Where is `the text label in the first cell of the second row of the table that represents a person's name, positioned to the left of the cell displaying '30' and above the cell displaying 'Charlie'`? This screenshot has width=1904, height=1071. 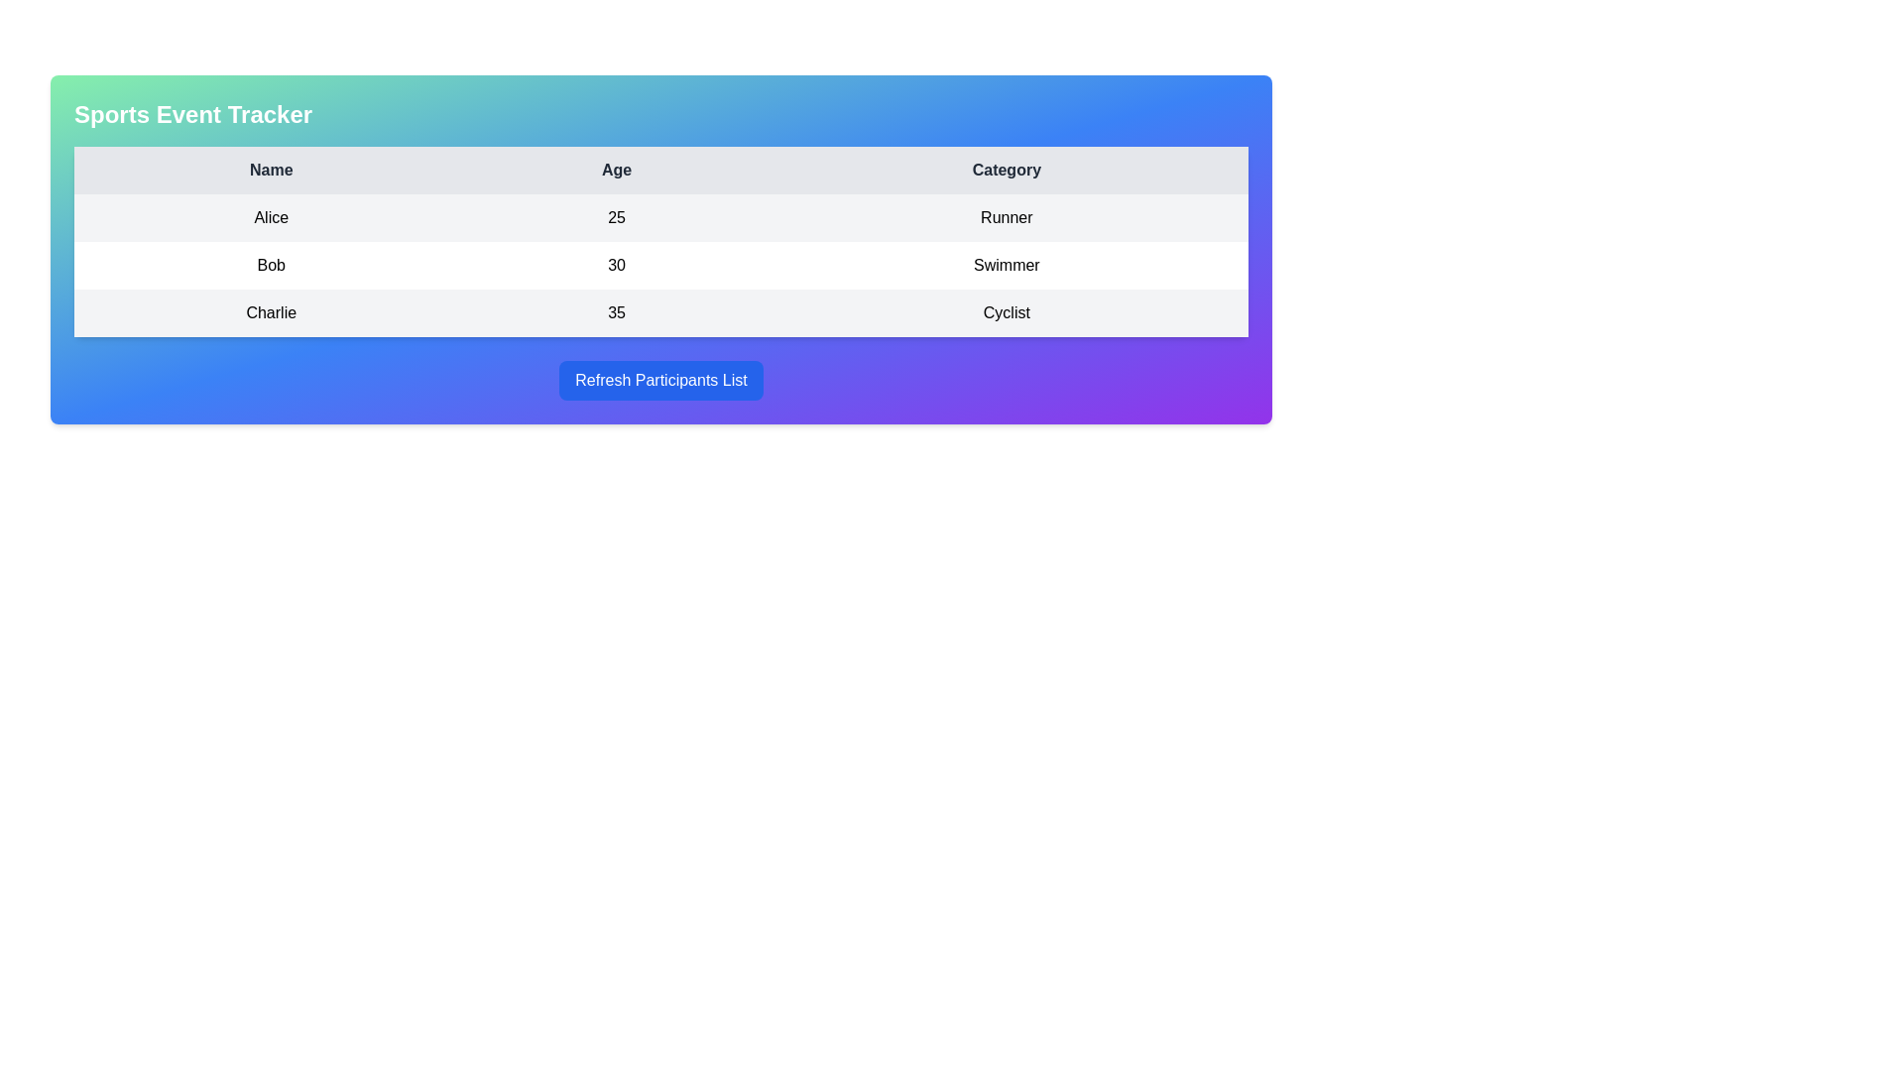 the text label in the first cell of the second row of the table that represents a person's name, positioned to the left of the cell displaying '30' and above the cell displaying 'Charlie' is located at coordinates (270, 264).